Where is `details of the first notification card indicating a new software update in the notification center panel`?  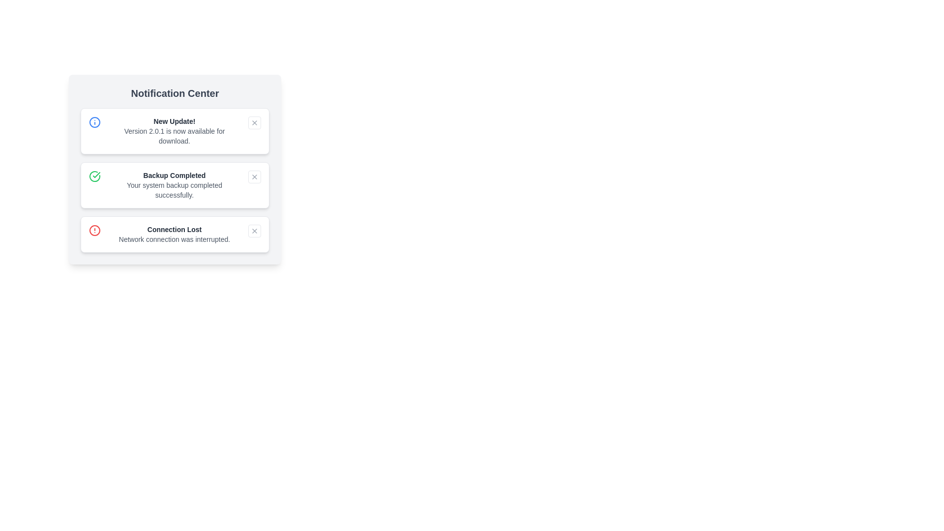 details of the first notification card indicating a new software update in the notification center panel is located at coordinates (175, 130).